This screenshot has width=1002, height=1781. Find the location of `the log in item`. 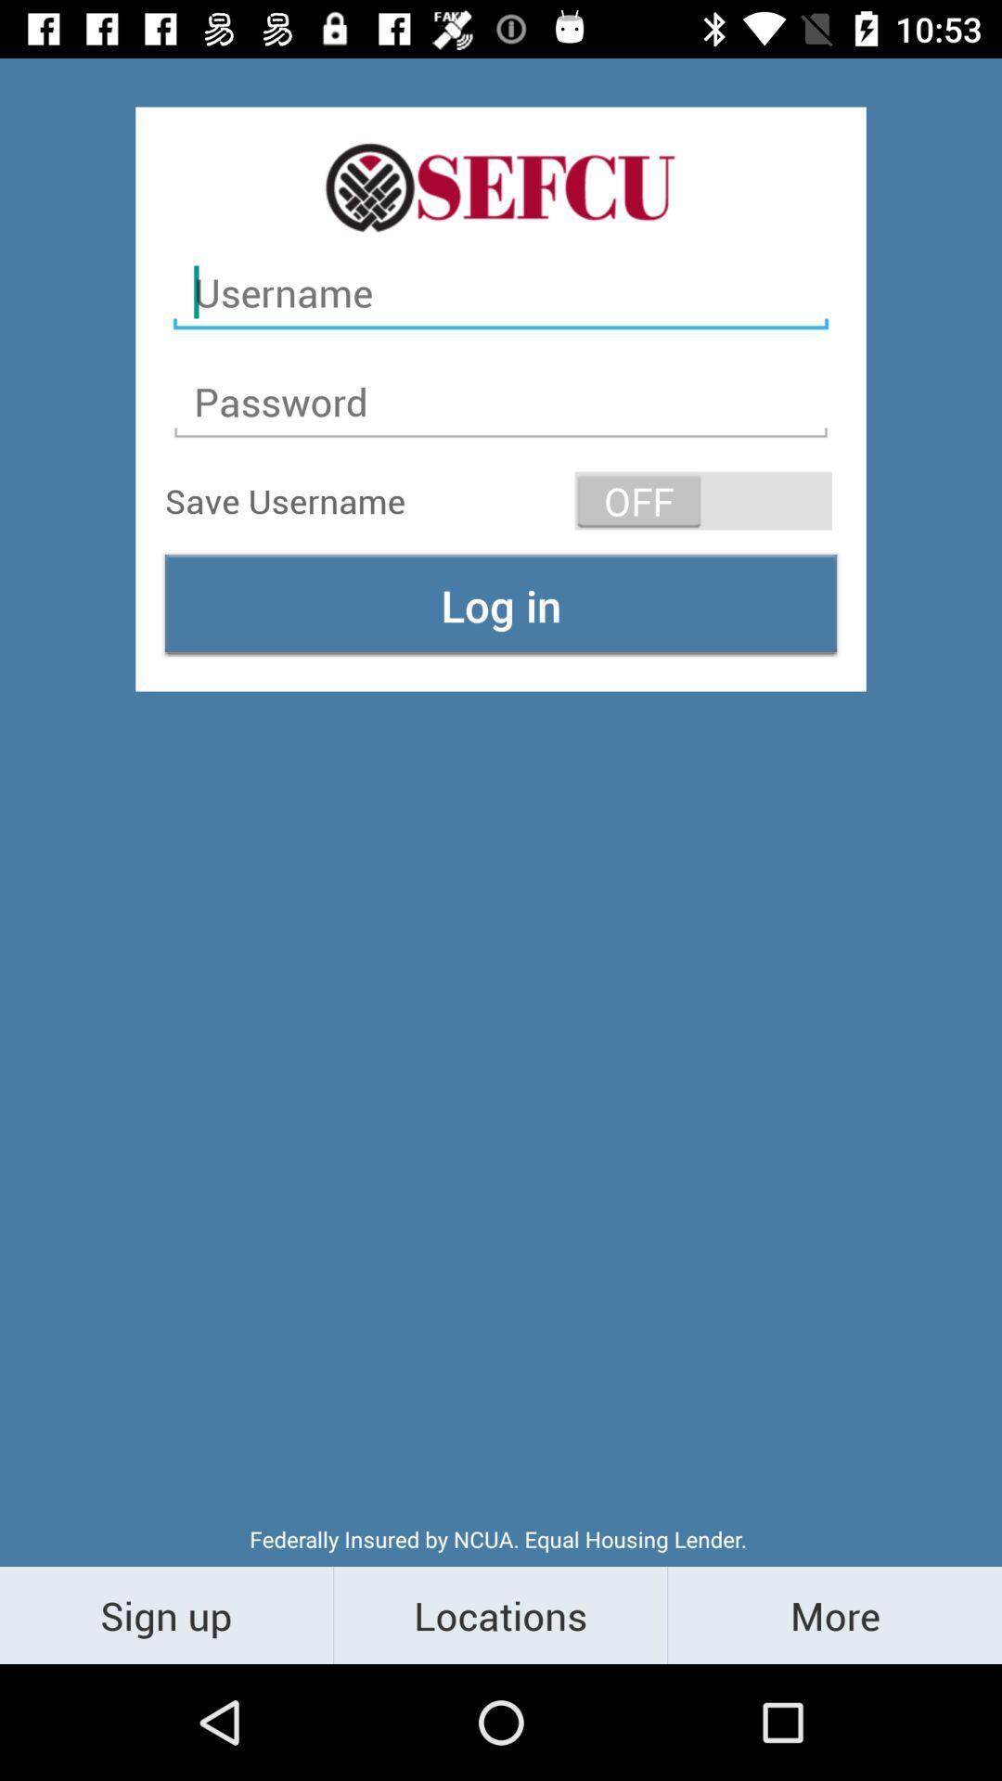

the log in item is located at coordinates (501, 605).